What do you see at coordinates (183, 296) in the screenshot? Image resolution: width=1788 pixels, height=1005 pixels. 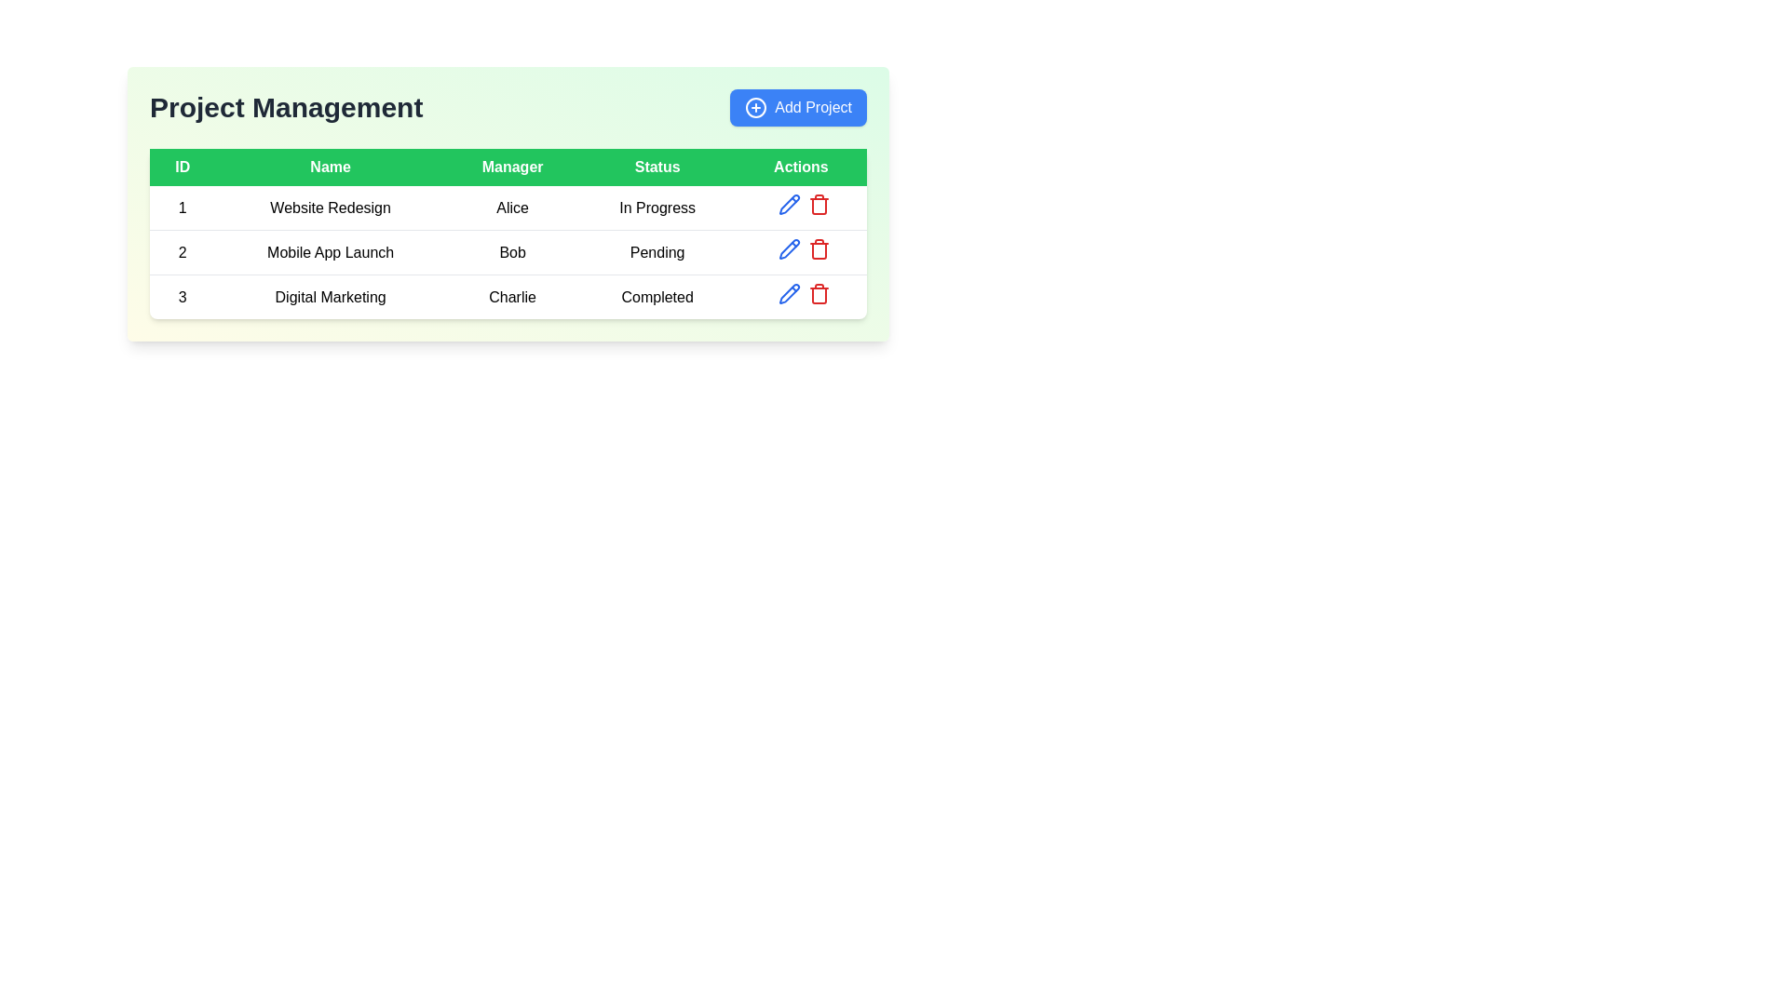 I see `value displayed in the Text Label indicating the unique identifier or serial number of the project entry, which is located under the 'ID' column in the project data table` at bounding box center [183, 296].